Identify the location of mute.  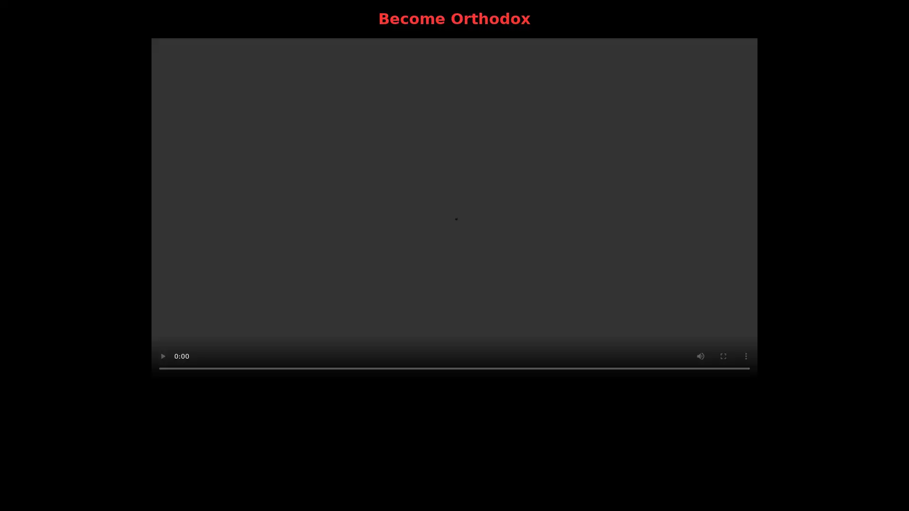
(700, 356).